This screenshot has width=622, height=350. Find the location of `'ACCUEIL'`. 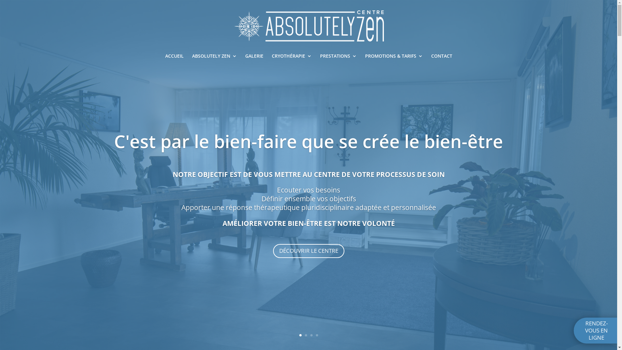

'ACCUEIL' is located at coordinates (165, 58).